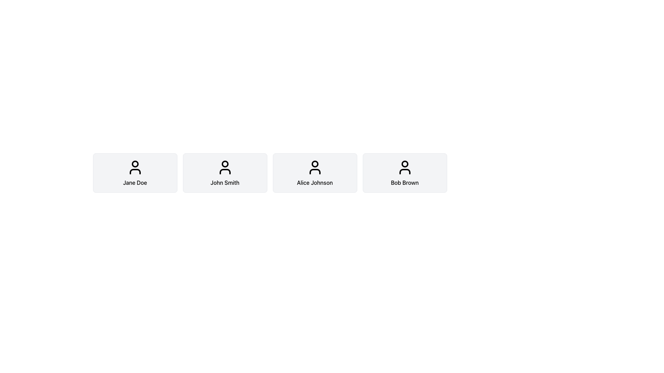  I want to click on the Vector Graphic Element representing the lower body of the user profile icon for 'Jane Doe', which is positioned directly below the head shape in the SVG illustration, so click(135, 171).